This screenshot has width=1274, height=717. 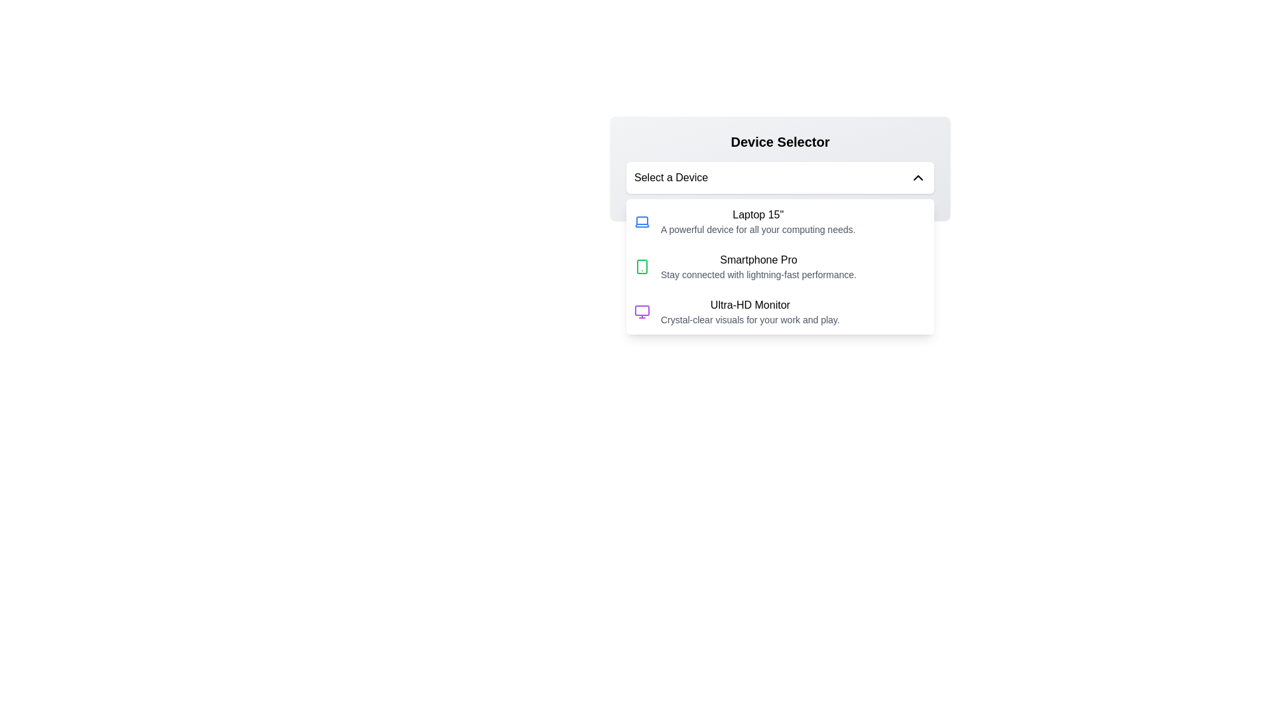 What do you see at coordinates (758, 221) in the screenshot?
I see `the first menu option in the dropdown titled 'Device Selector', which states 'Laptop 15"' and provides a description below it` at bounding box center [758, 221].